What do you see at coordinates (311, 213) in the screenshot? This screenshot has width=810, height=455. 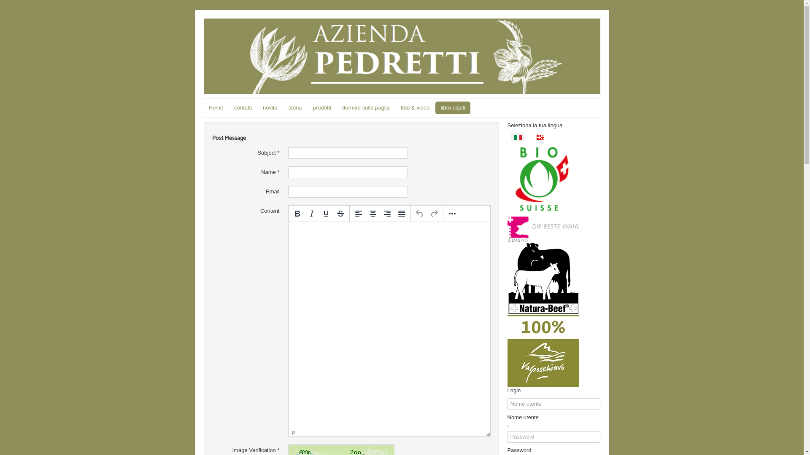 I see `'Corsivo'` at bounding box center [311, 213].